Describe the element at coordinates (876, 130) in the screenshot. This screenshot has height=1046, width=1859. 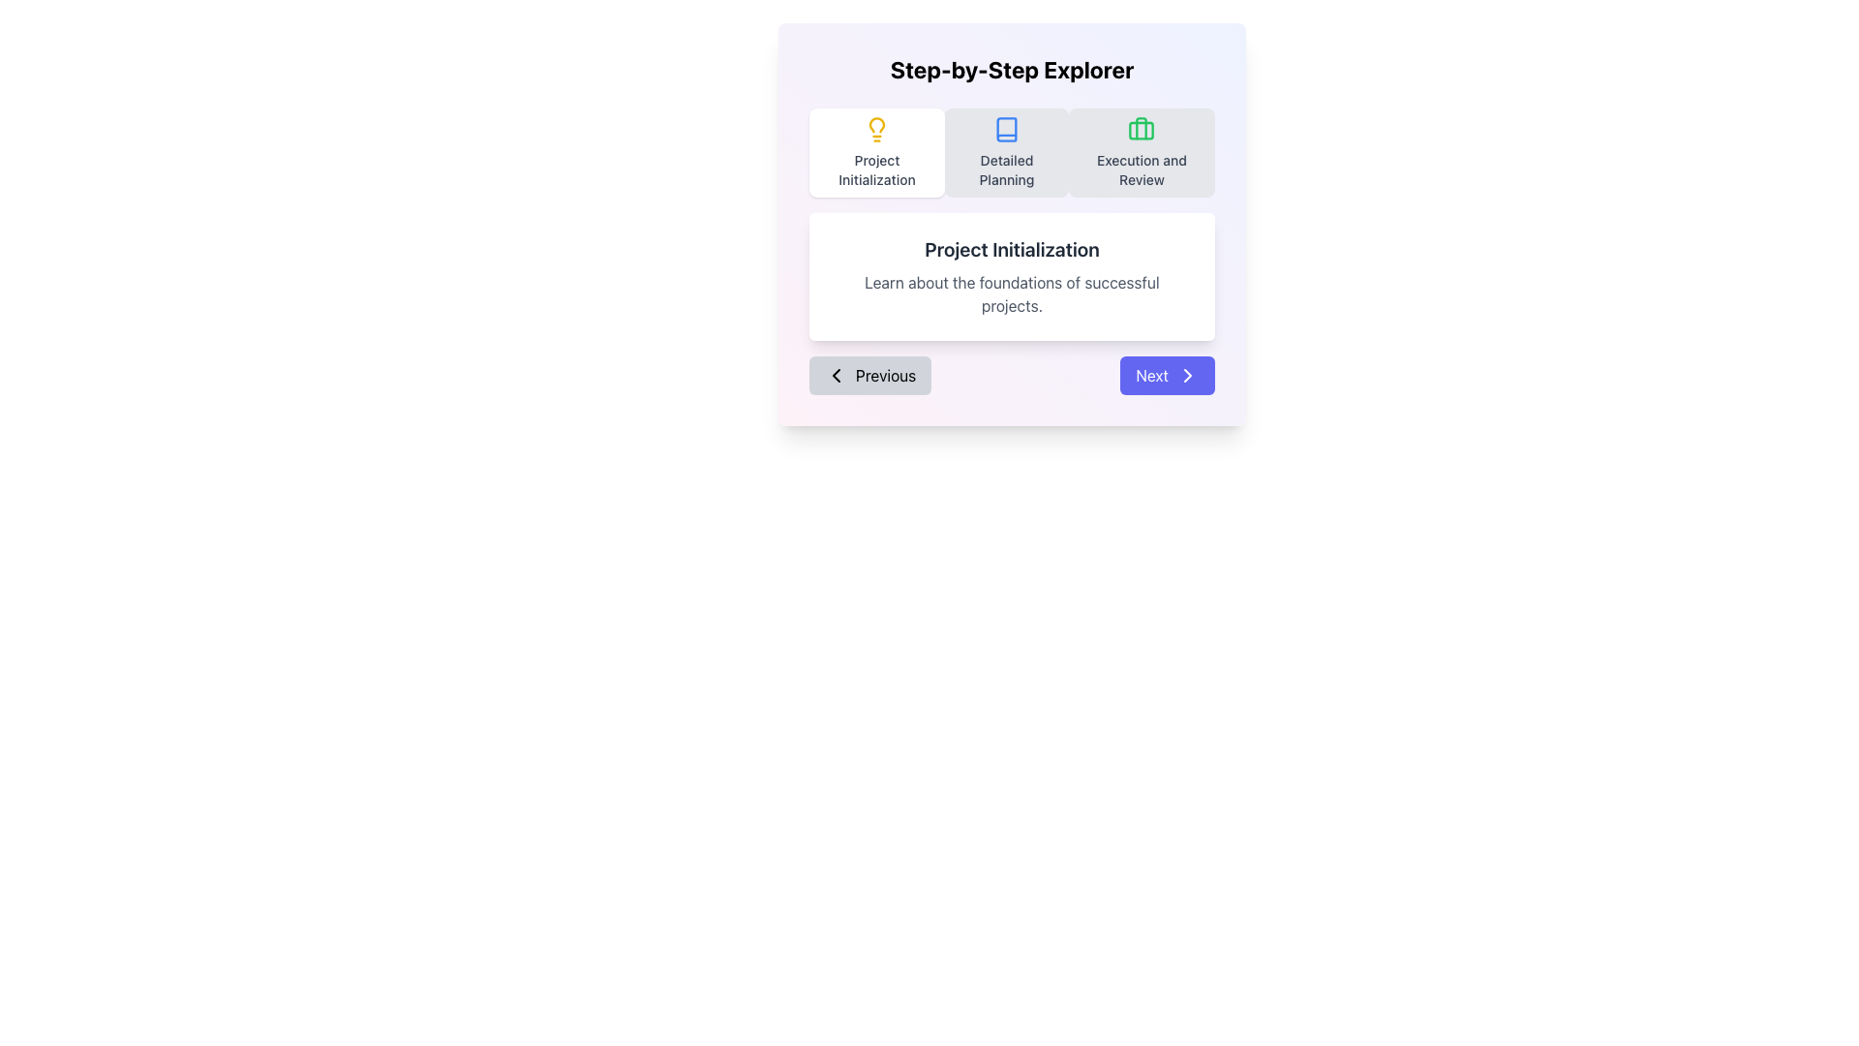
I see `the lightbulb icon located above the 'Project Initialization' text in the card-like UI element` at that location.